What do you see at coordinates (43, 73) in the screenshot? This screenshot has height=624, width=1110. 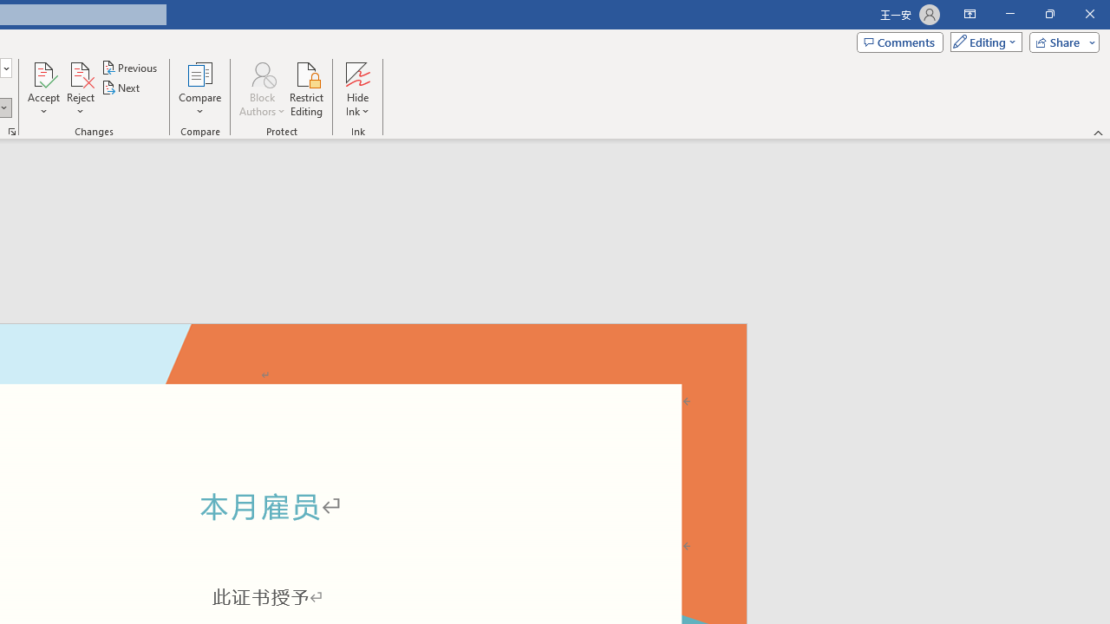 I see `'Accept and Move to Next'` at bounding box center [43, 73].